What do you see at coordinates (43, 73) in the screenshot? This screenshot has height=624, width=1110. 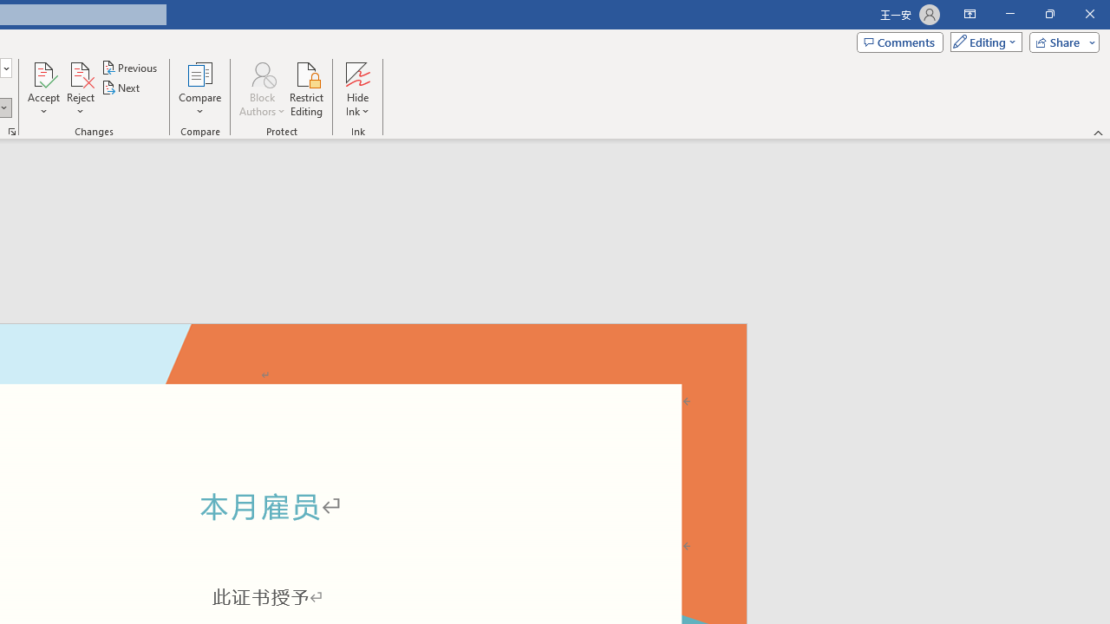 I see `'Accept and Move to Next'` at bounding box center [43, 73].